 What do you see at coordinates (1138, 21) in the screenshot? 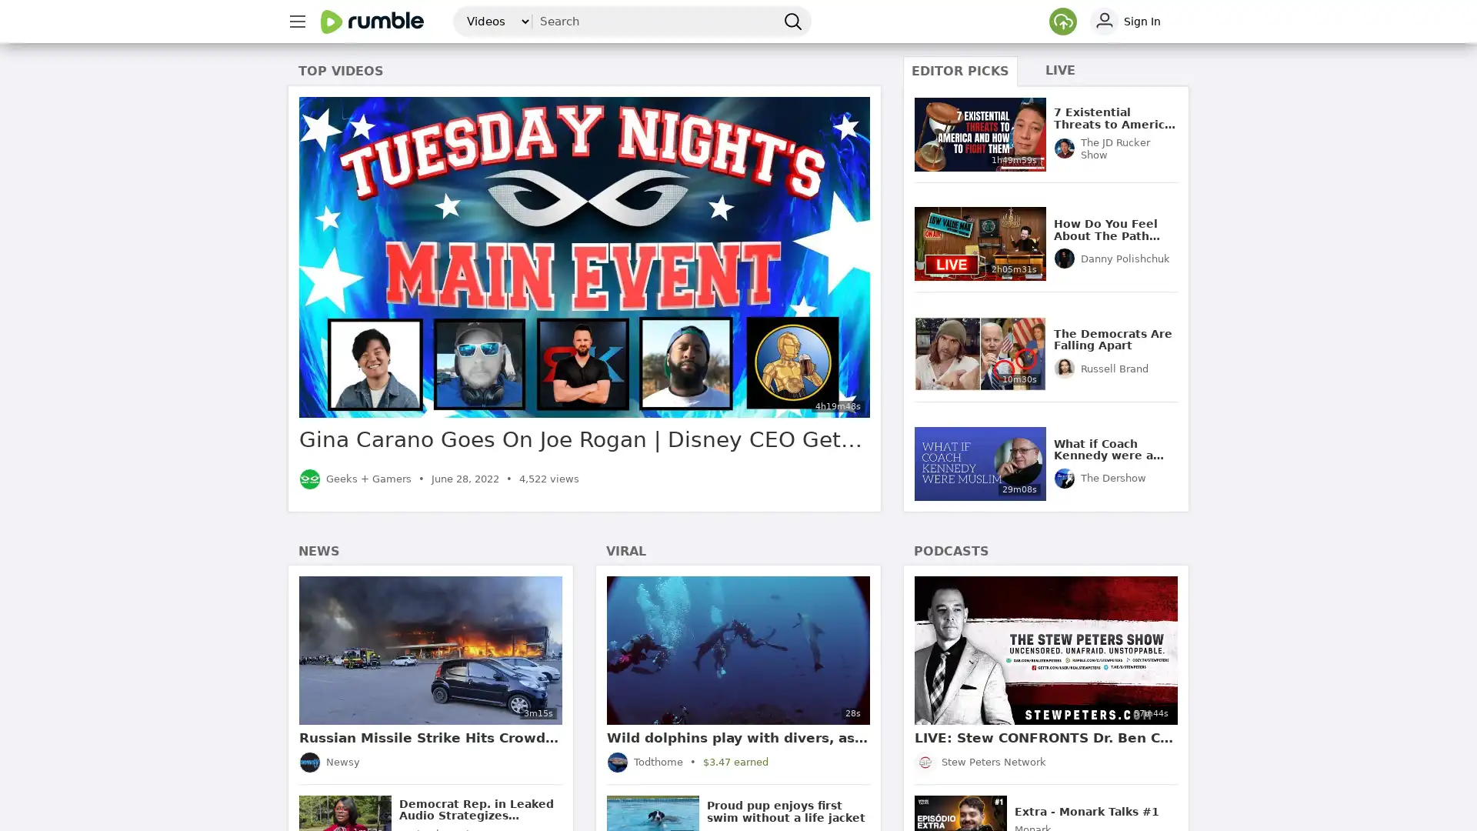
I see `sign in` at bounding box center [1138, 21].